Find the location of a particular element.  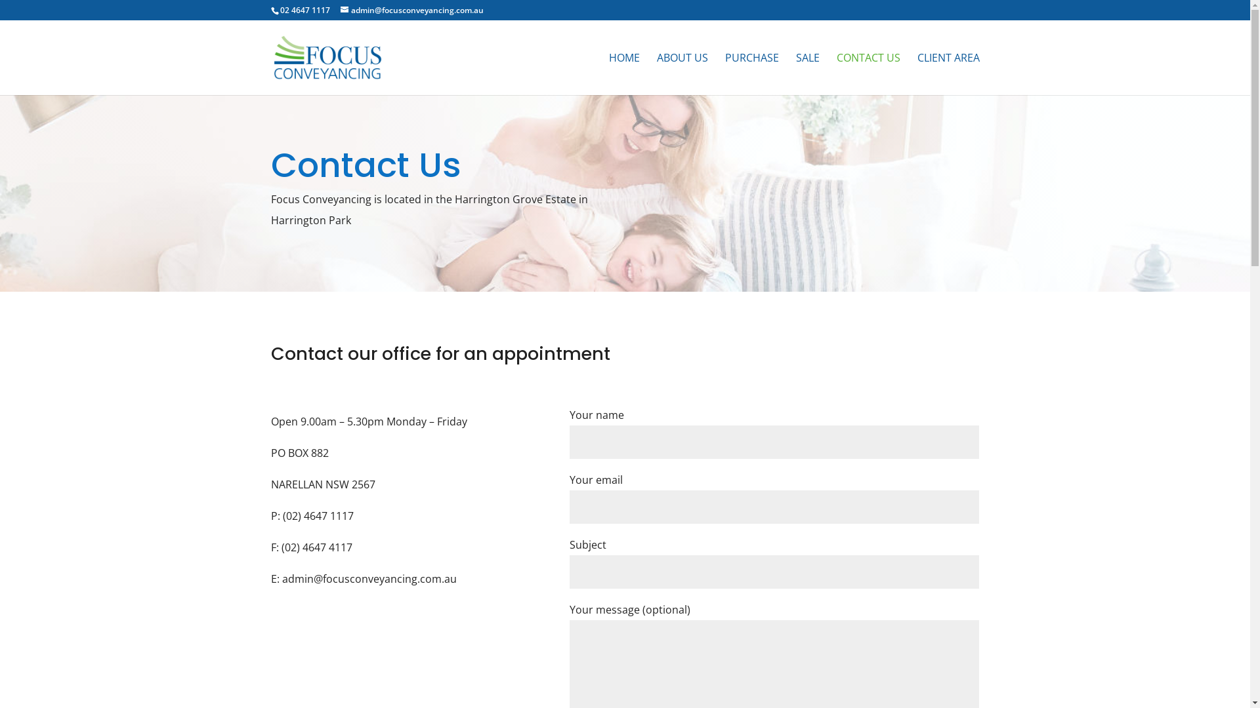

'PURCHASE' is located at coordinates (751, 73).